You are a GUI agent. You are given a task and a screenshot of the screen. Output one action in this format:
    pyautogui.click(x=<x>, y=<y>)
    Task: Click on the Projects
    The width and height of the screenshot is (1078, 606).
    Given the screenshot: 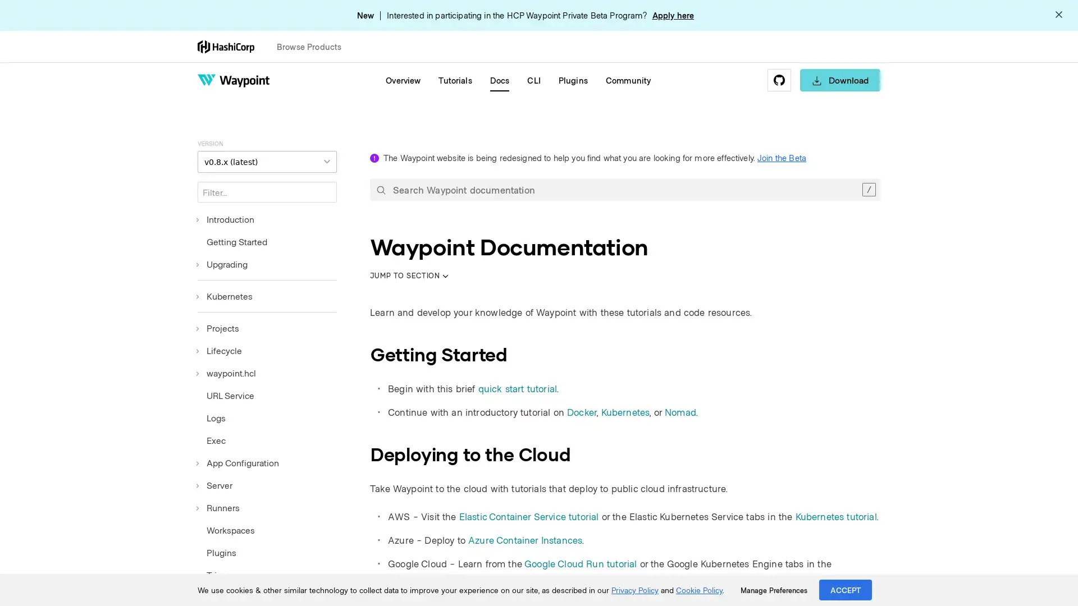 What is the action you would take?
    pyautogui.click(x=218, y=328)
    